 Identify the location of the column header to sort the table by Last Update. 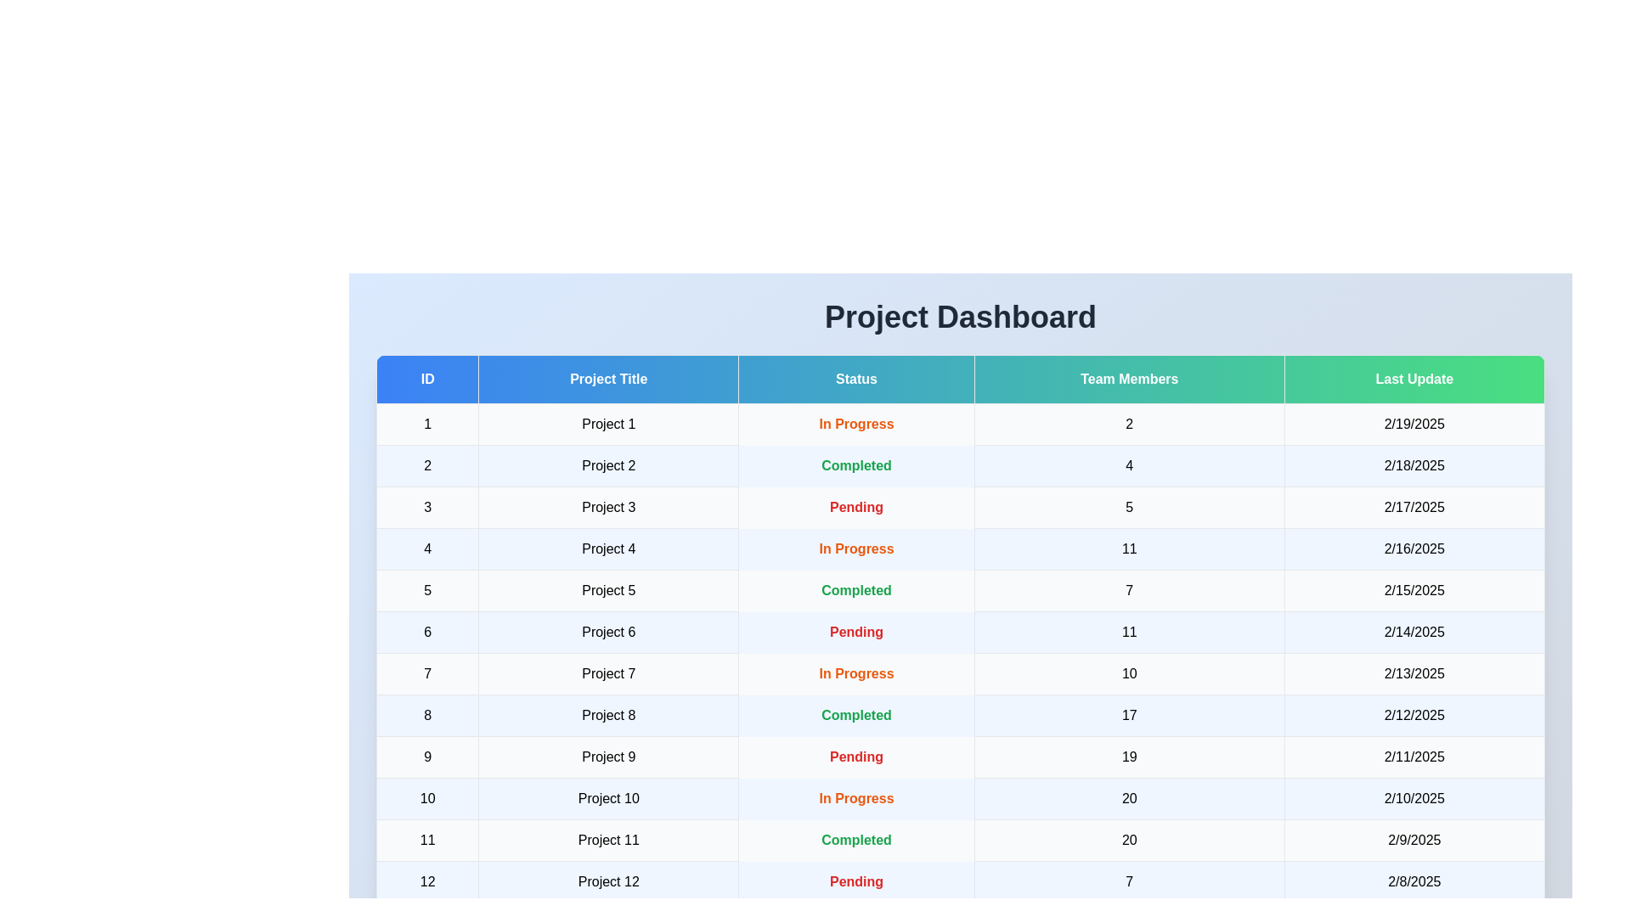
(1414, 379).